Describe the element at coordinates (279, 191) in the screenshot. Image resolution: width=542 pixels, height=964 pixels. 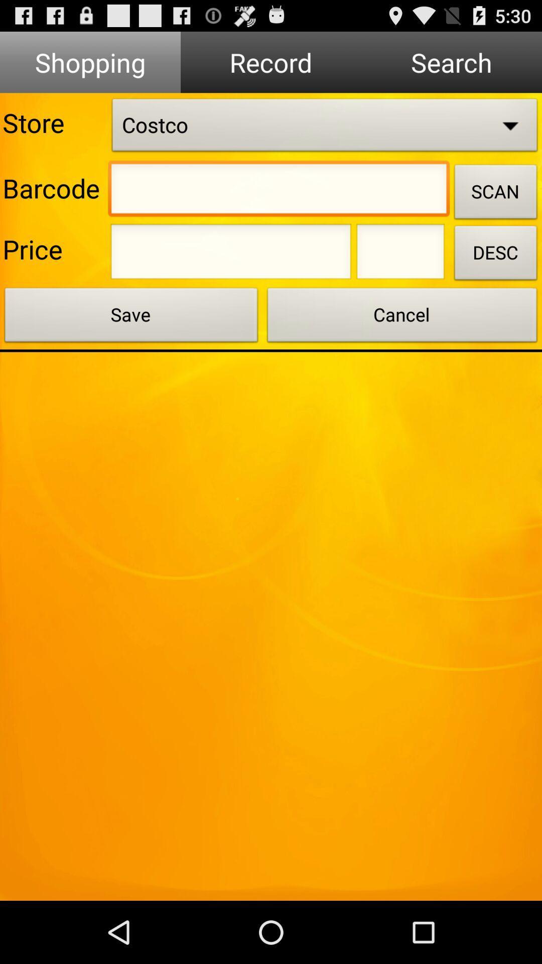
I see `to enter text belongs to bar code` at that location.